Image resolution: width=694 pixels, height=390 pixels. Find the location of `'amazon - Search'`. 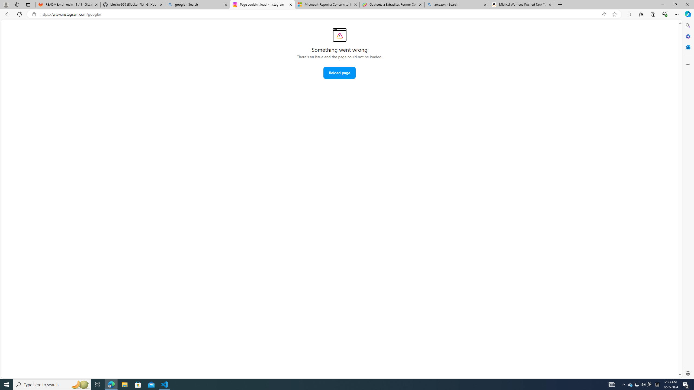

'amazon - Search' is located at coordinates (456, 4).